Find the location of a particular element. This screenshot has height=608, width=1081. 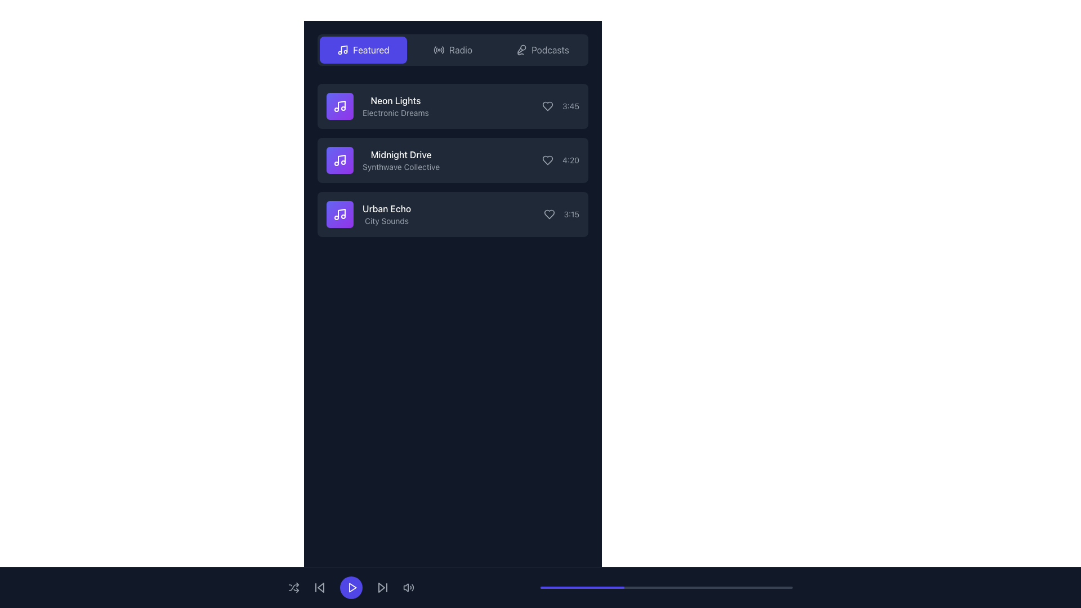

the musical note icon located on the left side of the 'Featured' button with a purple background and white text is located at coordinates (342, 49).